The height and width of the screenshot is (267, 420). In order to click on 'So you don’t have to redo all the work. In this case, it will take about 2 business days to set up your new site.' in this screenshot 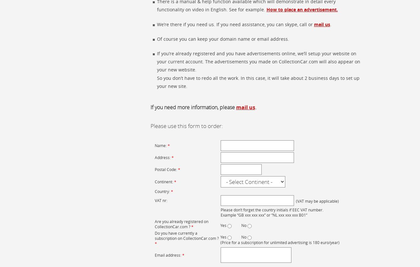, I will do `click(257, 82)`.